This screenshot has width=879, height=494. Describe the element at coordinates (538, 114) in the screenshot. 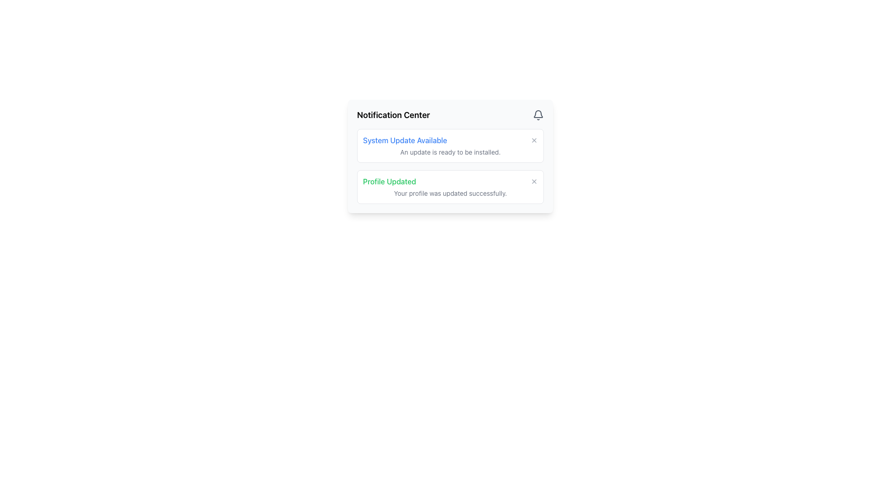

I see `the bell-shaped gray icon with minimalist design located at the far-right of the Notification Center header` at that location.